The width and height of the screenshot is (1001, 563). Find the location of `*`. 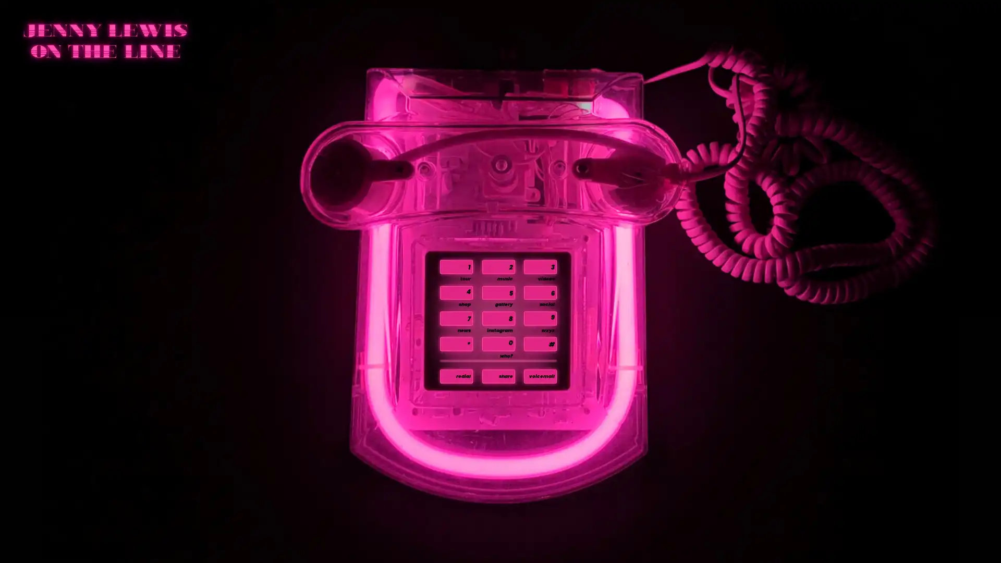

* is located at coordinates (456, 344).